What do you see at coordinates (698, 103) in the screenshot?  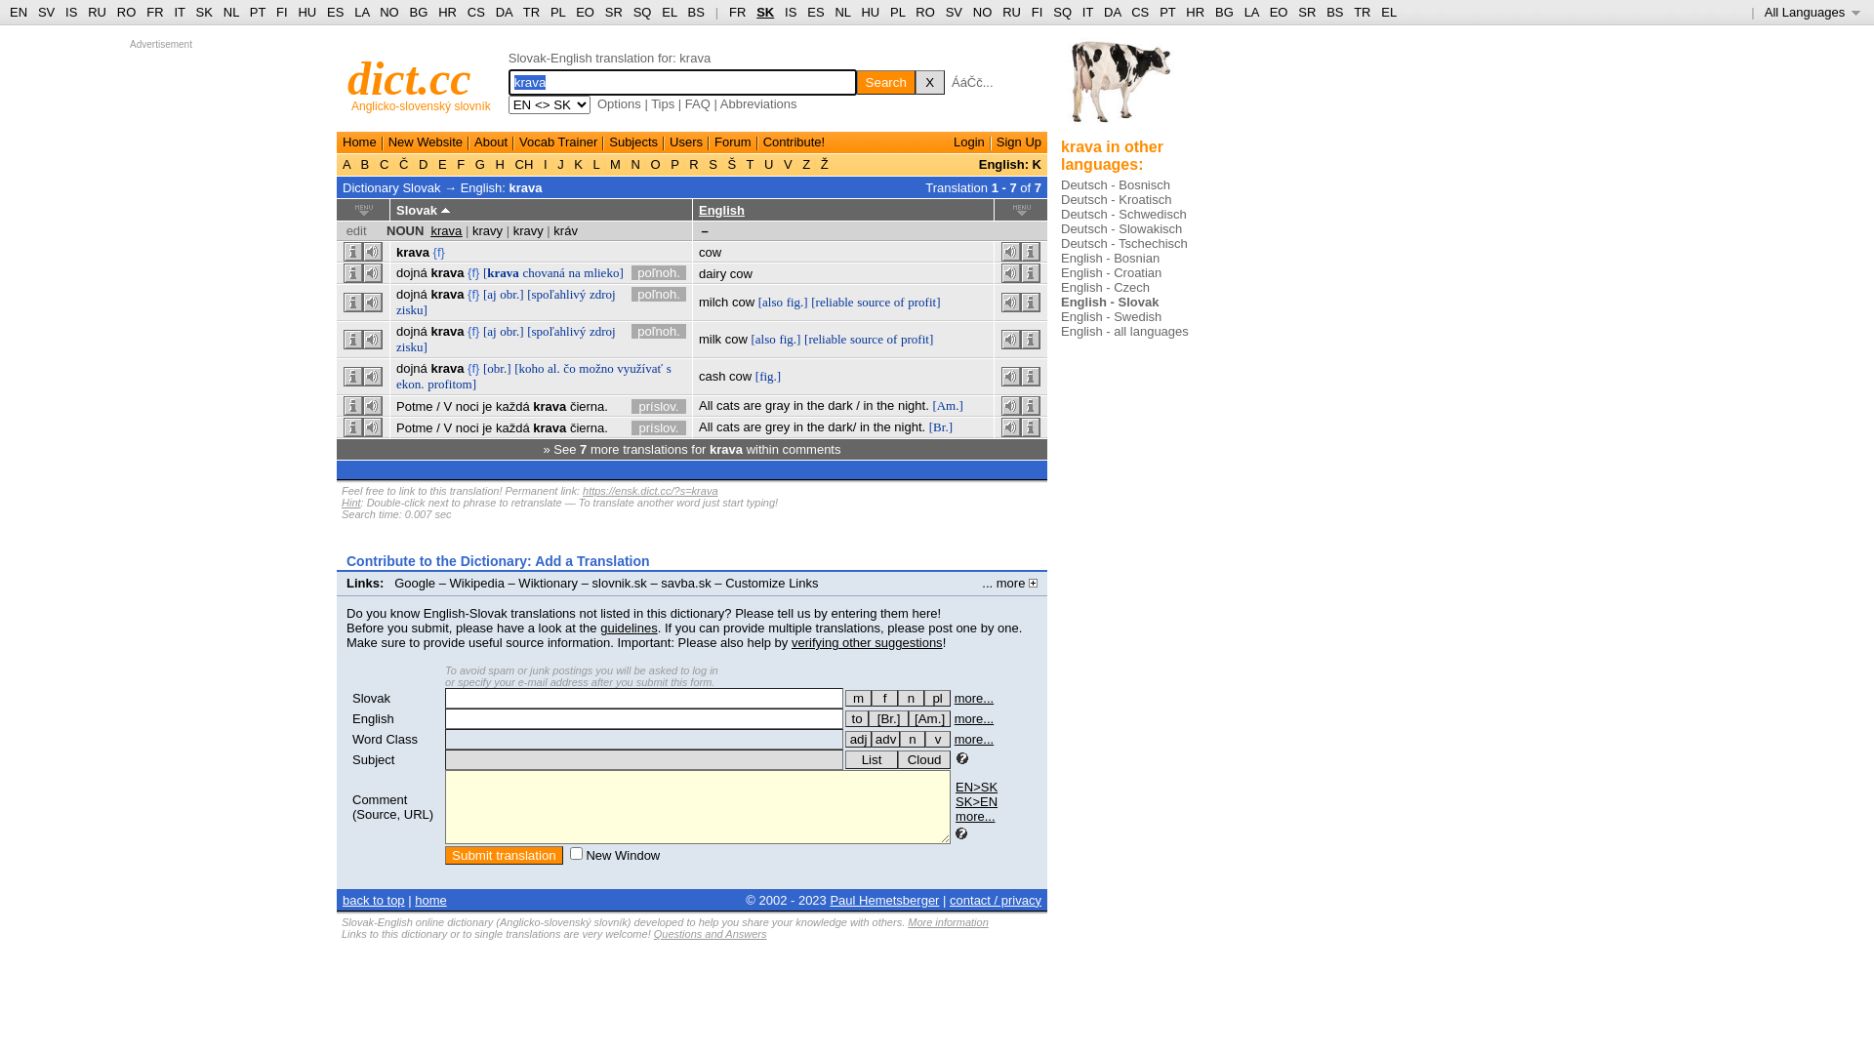 I see `'FAQ'` at bounding box center [698, 103].